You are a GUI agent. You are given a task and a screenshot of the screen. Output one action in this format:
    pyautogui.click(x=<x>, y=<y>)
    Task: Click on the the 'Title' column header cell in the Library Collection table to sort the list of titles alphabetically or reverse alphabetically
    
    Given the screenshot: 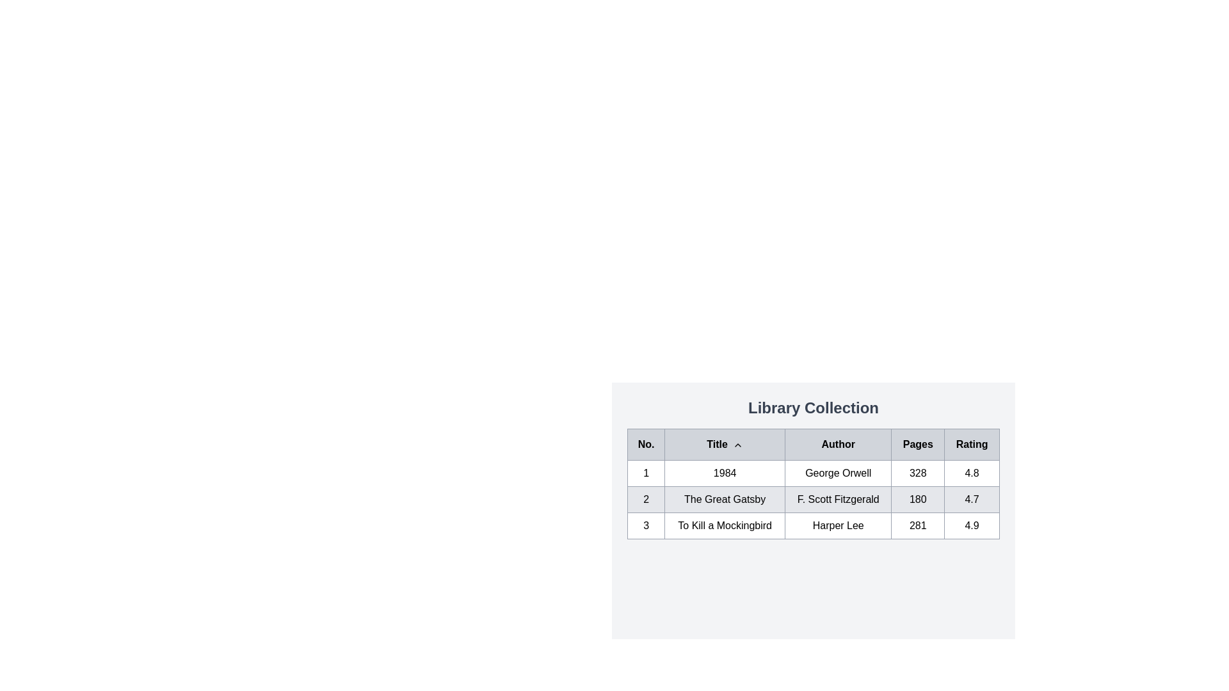 What is the action you would take?
    pyautogui.click(x=725, y=443)
    